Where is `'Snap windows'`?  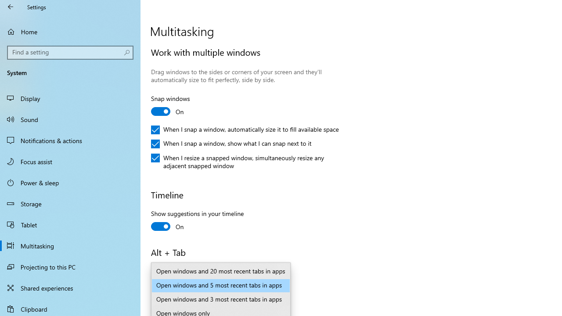
'Snap windows' is located at coordinates (183, 106).